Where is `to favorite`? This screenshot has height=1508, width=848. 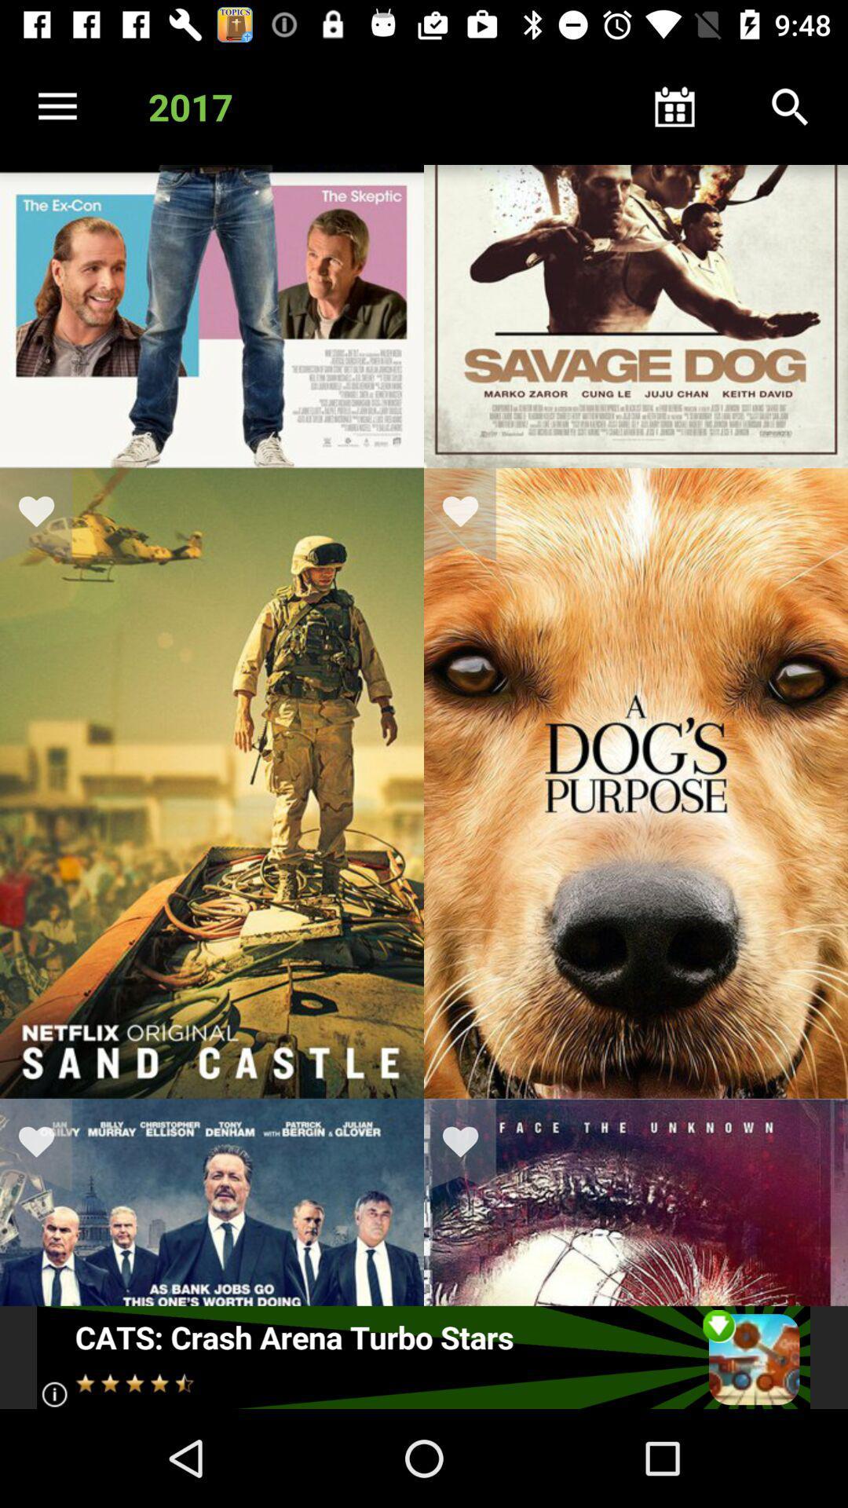 to favorite is located at coordinates (46, 514).